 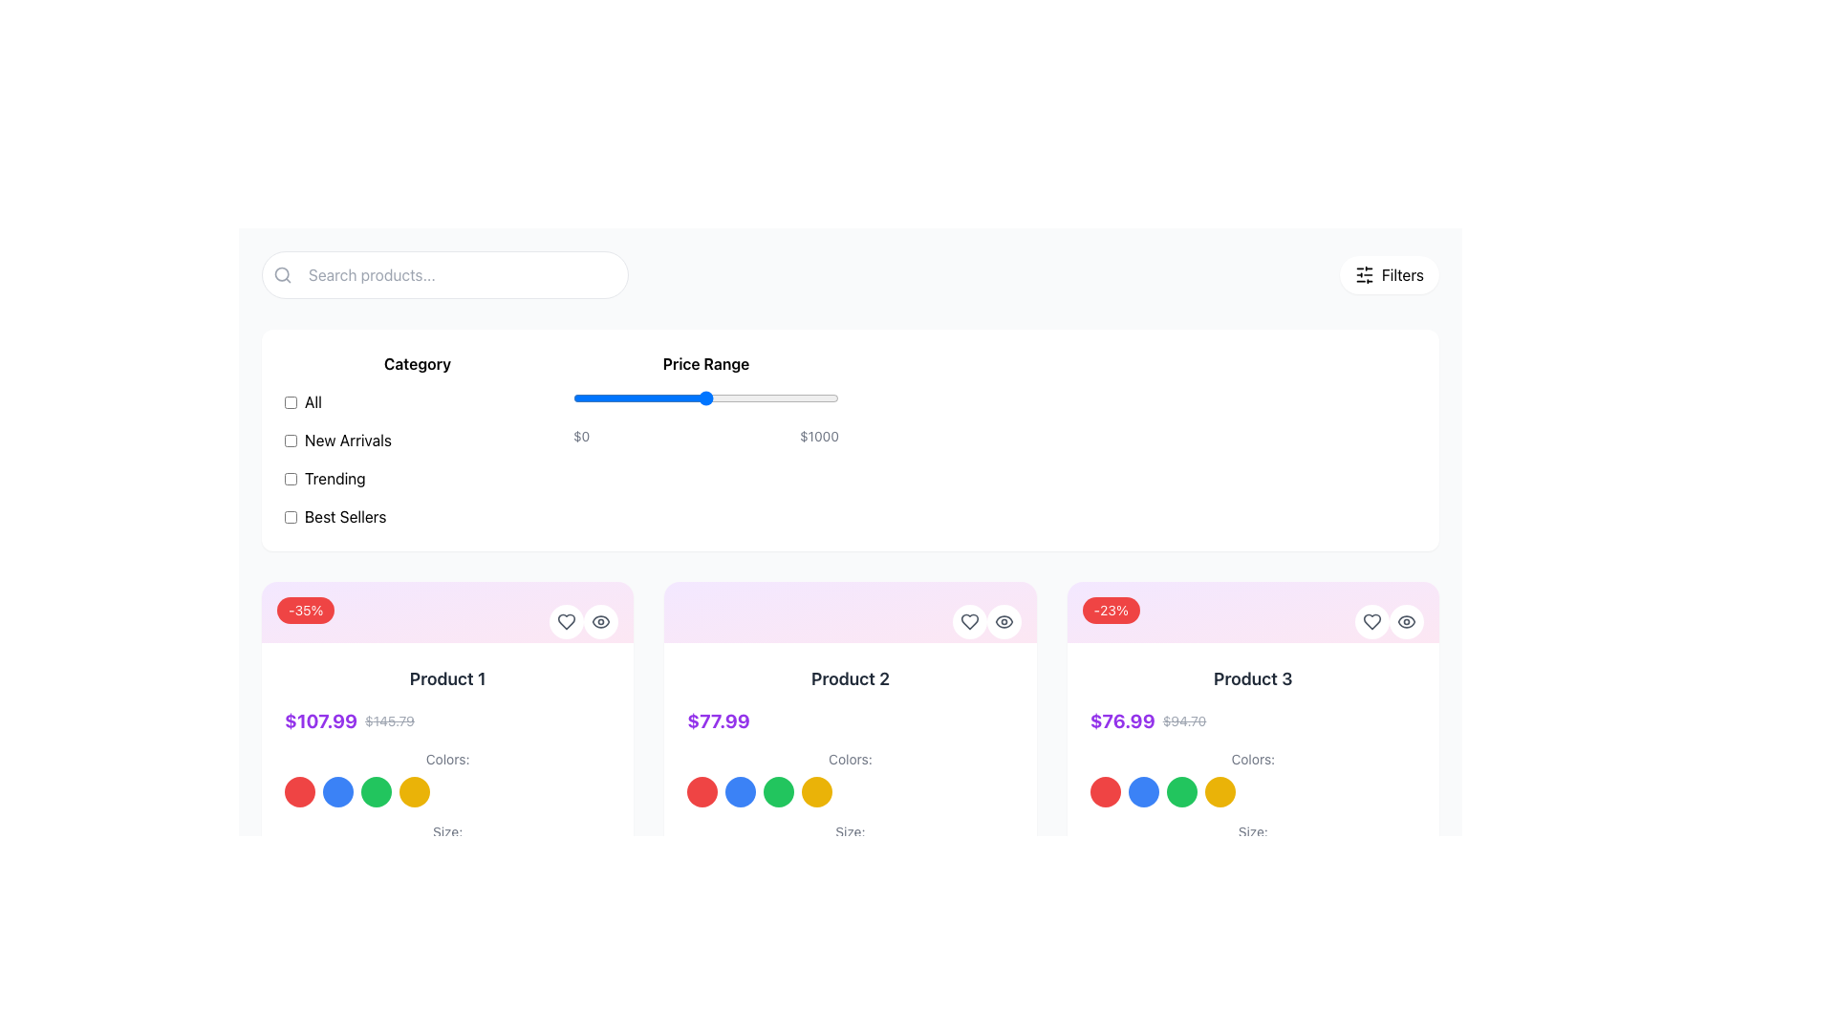 I want to click on the discount indicator badge located in the top-left corner of the product card, positioned above the product name, so click(x=306, y=611).